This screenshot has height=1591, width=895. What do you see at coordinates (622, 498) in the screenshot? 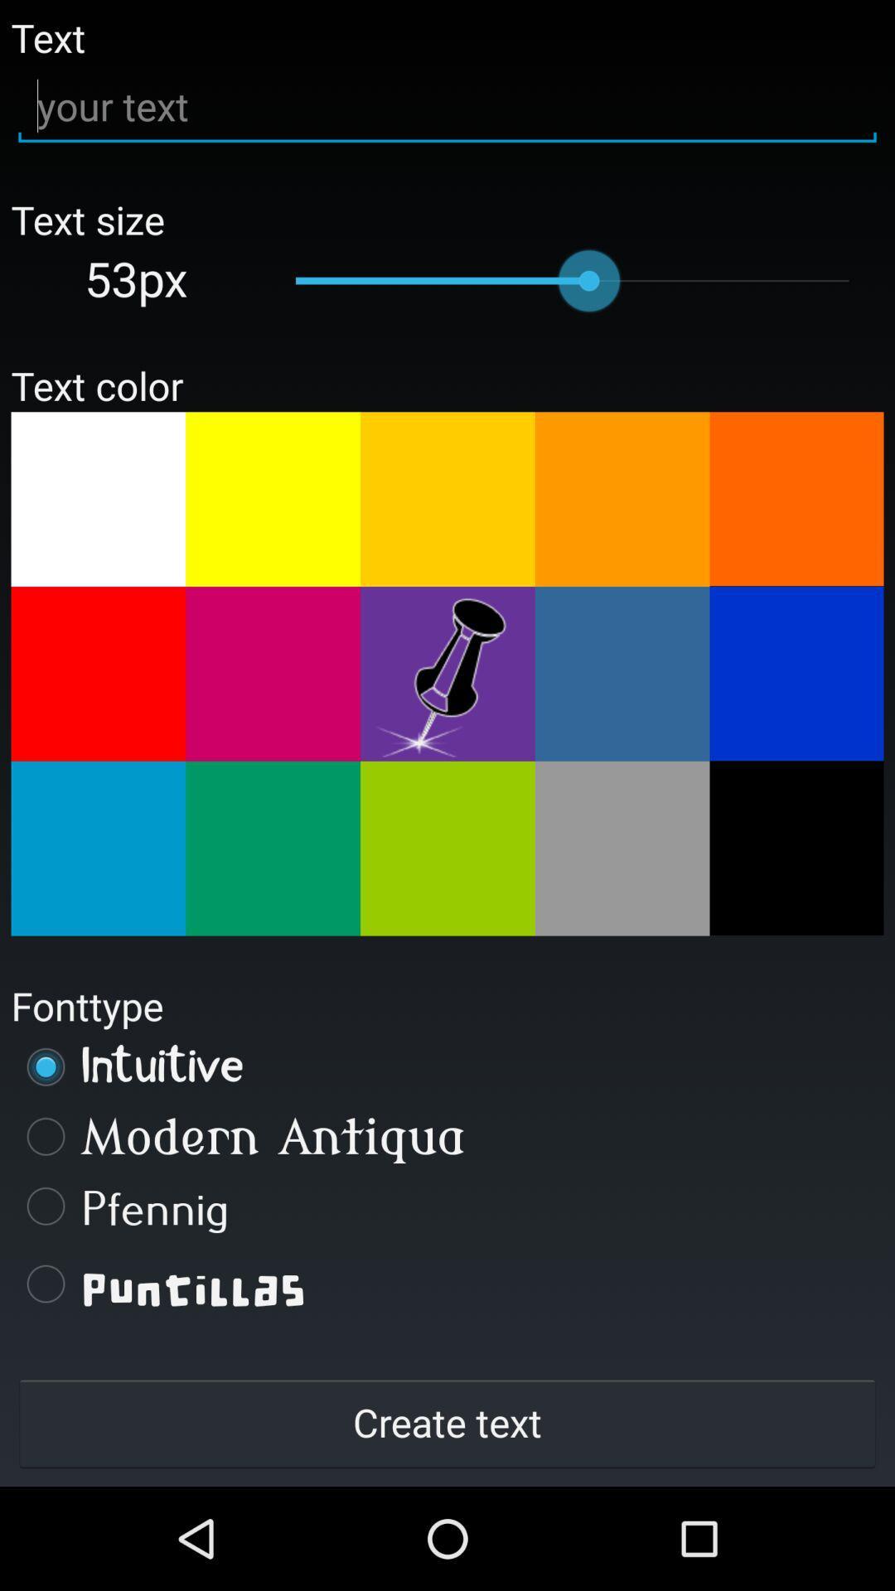
I see `medium orange` at bounding box center [622, 498].